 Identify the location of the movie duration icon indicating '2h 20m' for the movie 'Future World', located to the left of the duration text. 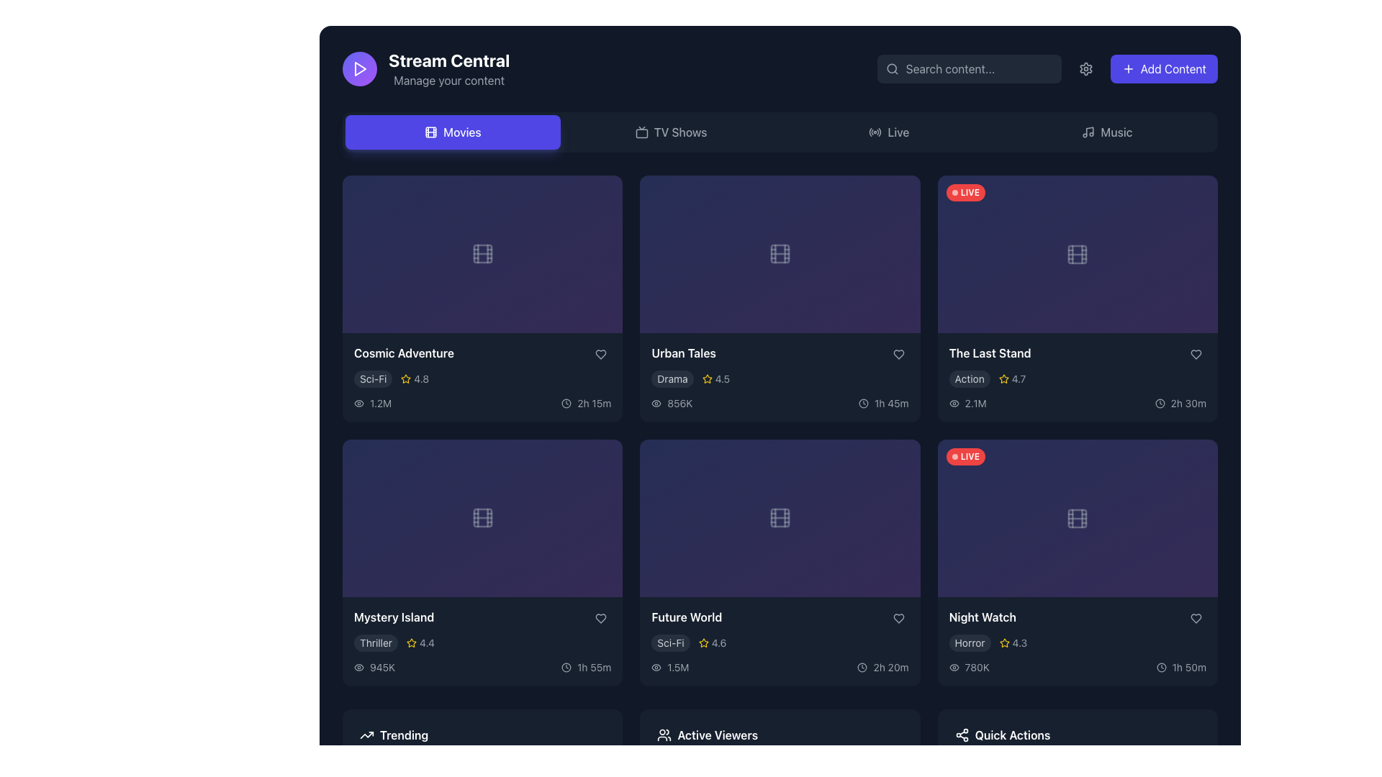
(862, 667).